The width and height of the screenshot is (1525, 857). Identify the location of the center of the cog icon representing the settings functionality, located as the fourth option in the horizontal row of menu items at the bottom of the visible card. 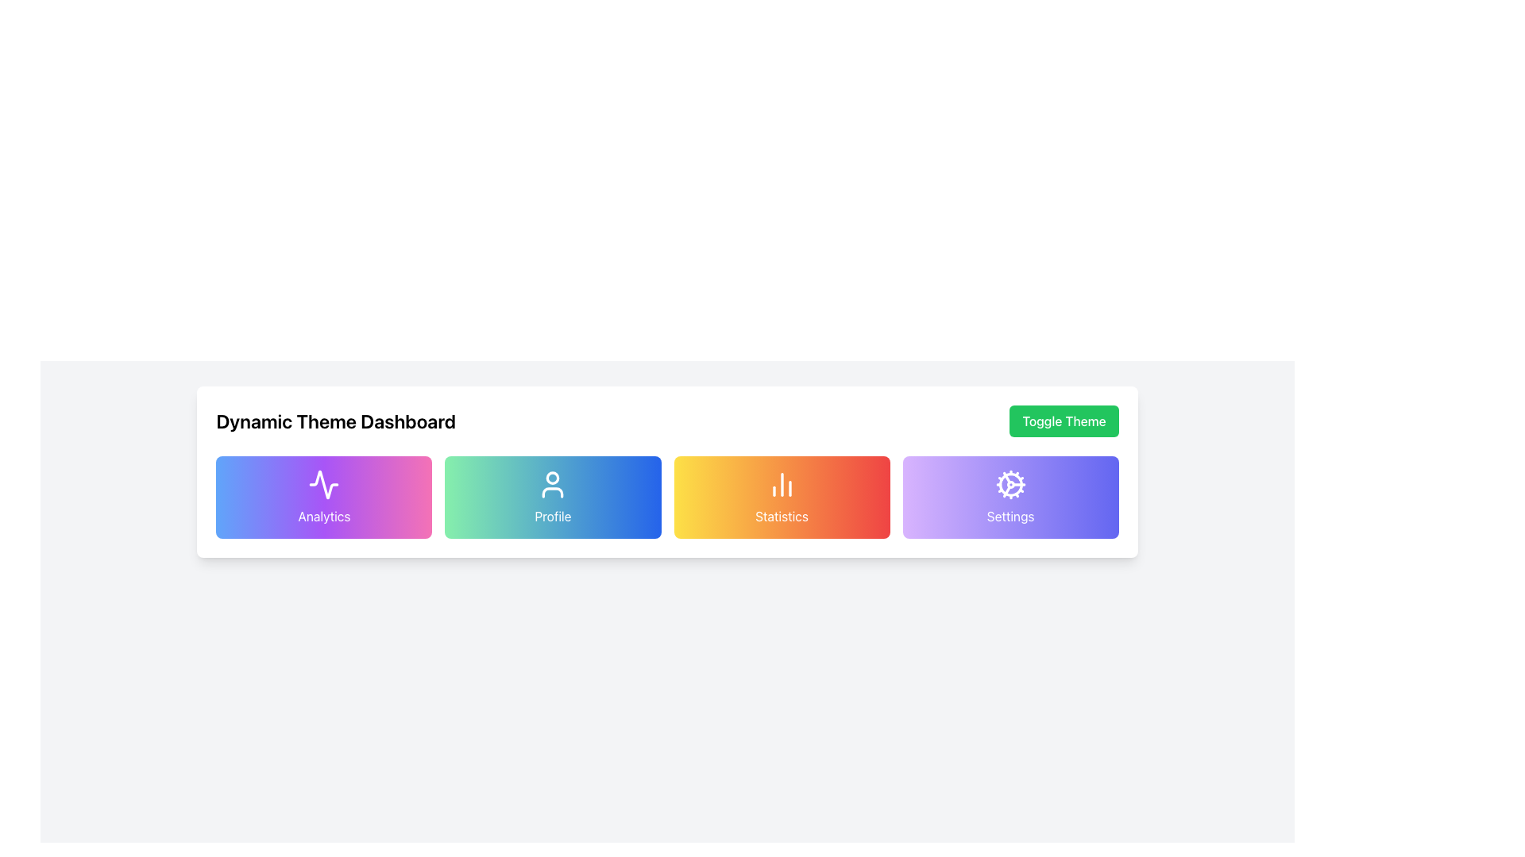
(1010, 483).